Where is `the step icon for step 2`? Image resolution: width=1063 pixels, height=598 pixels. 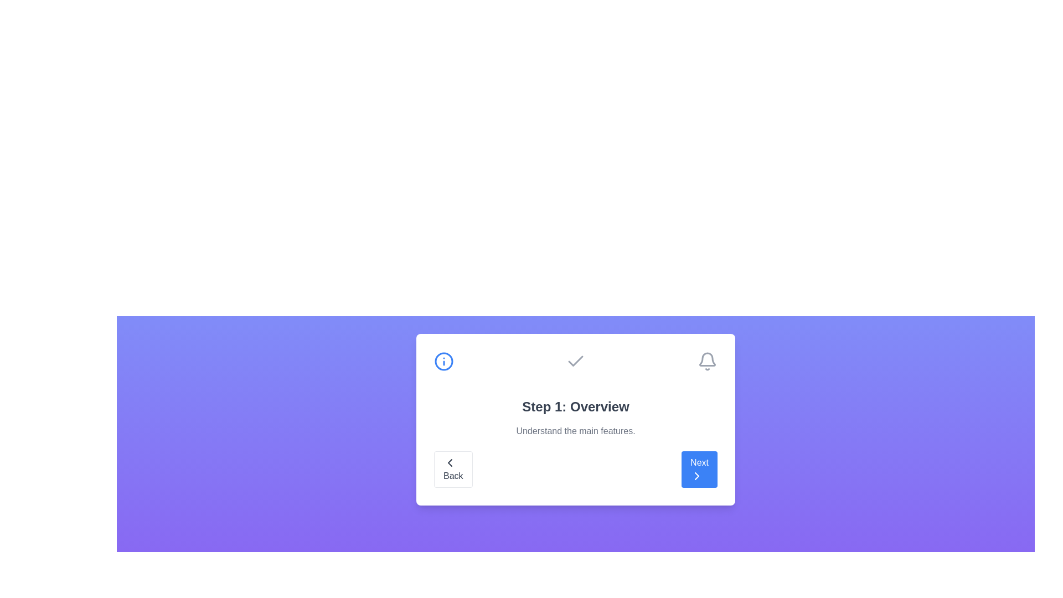
the step icon for step 2 is located at coordinates (576, 361).